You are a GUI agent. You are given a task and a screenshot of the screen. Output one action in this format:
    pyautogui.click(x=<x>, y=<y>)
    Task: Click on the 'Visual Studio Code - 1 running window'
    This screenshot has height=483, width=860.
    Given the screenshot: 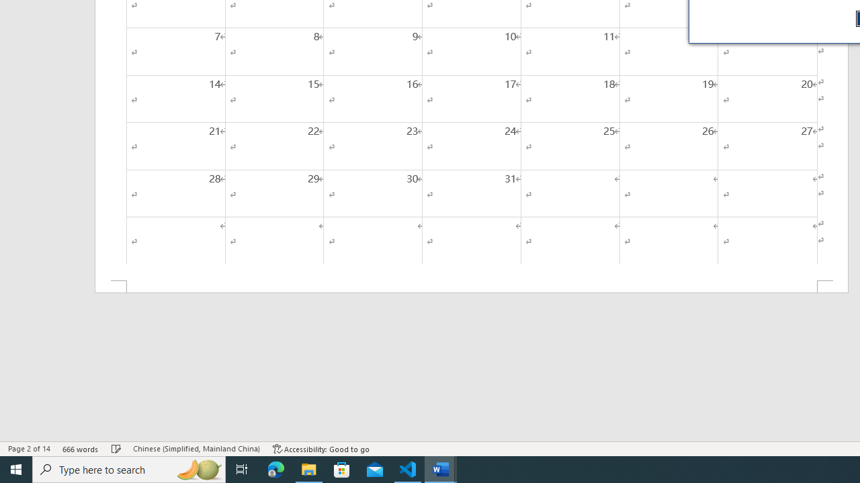 What is the action you would take?
    pyautogui.click(x=407, y=468)
    